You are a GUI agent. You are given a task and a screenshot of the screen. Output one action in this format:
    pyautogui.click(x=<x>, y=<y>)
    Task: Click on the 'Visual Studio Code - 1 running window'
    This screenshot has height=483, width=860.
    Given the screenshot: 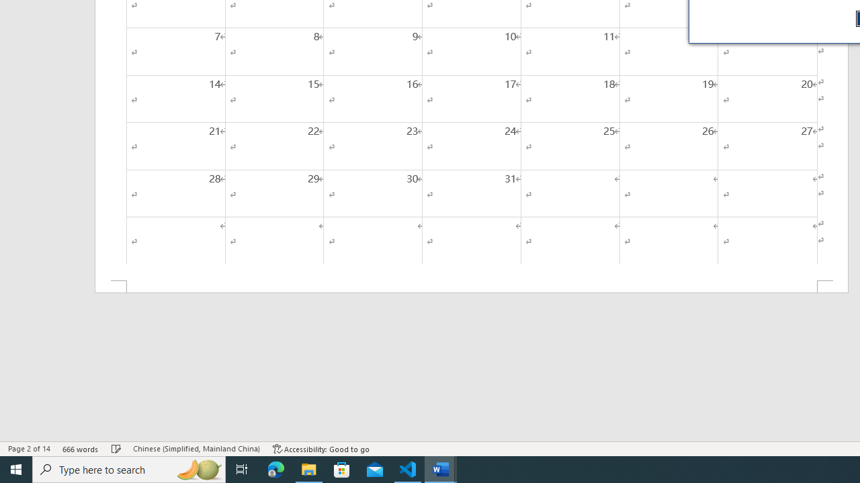 What is the action you would take?
    pyautogui.click(x=407, y=468)
    